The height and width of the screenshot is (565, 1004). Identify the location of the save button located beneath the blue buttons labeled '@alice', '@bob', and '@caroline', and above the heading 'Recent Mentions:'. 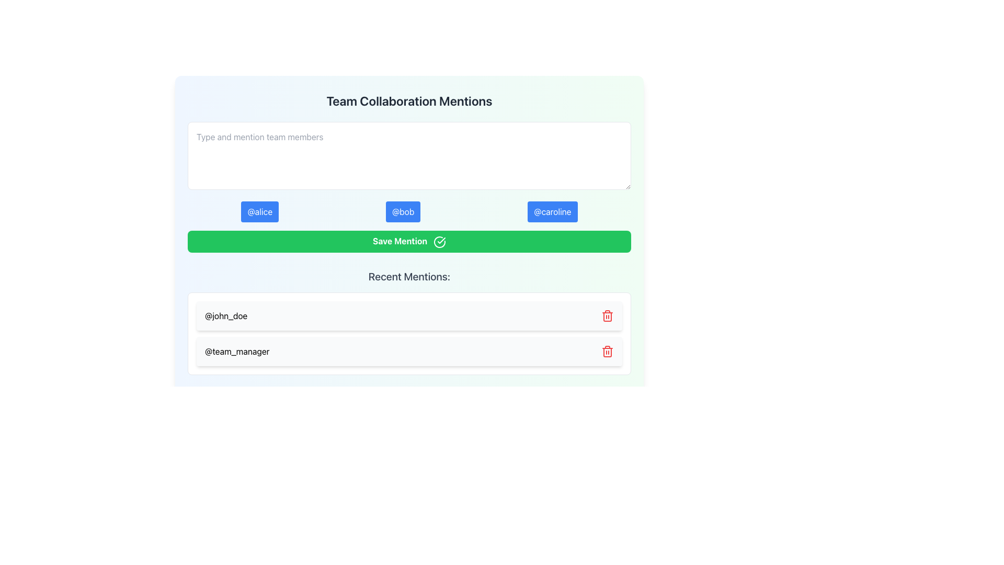
(408, 241).